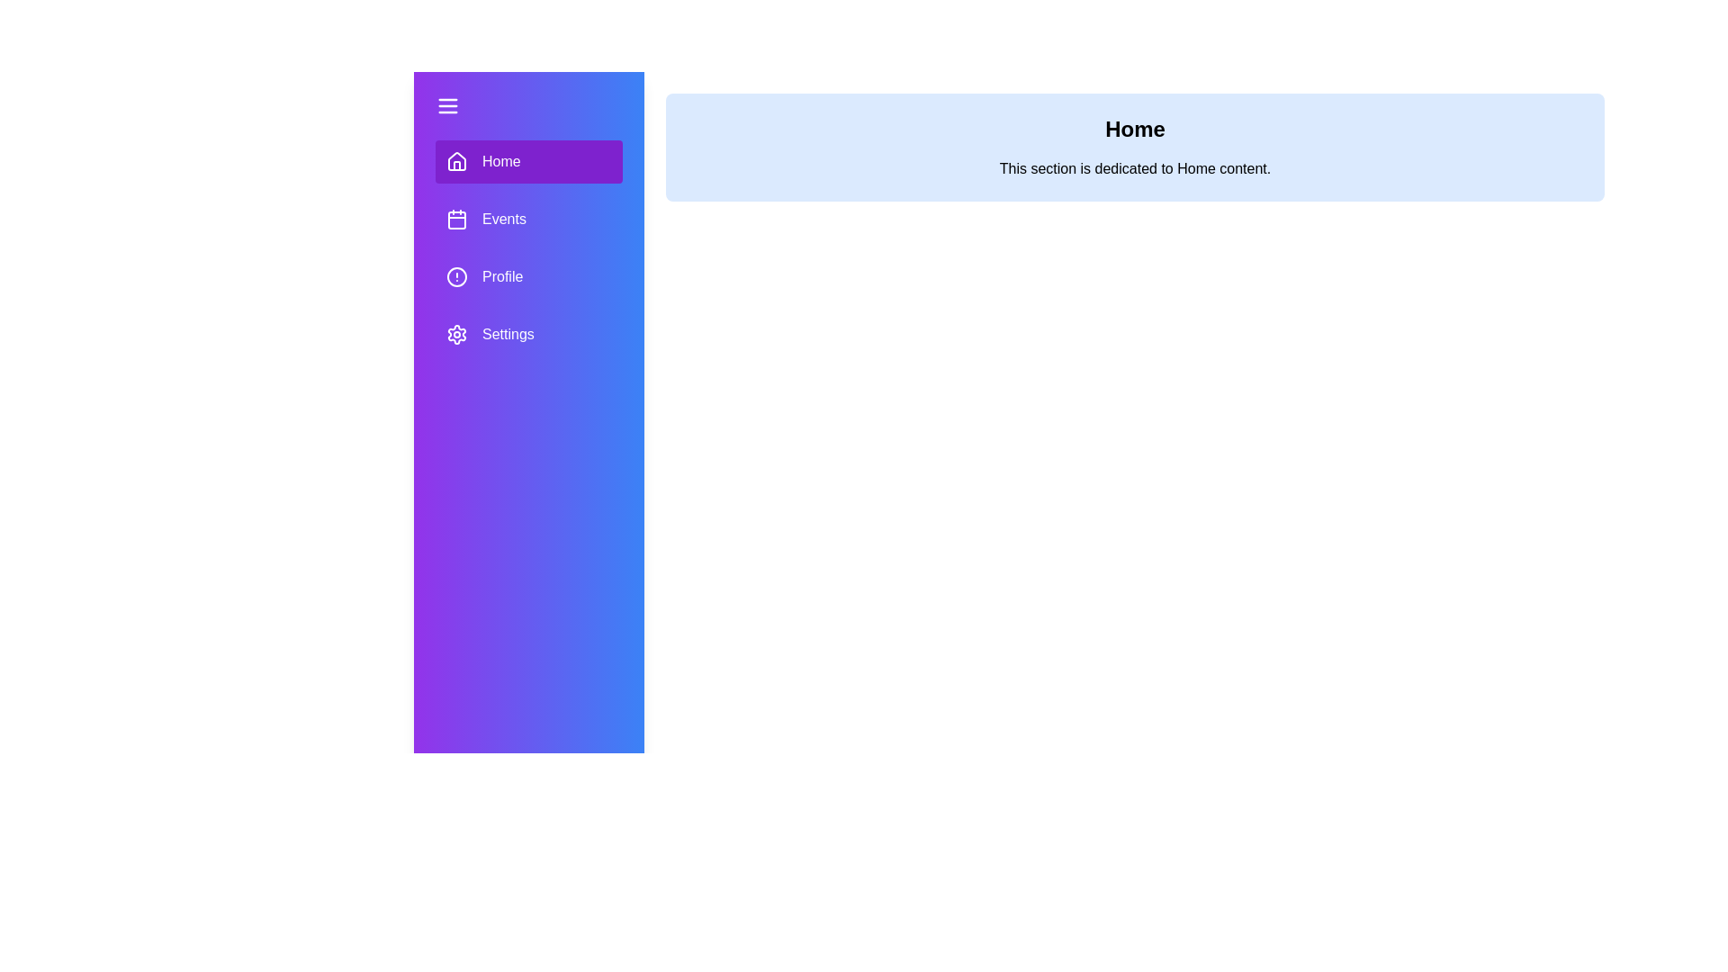  What do you see at coordinates (504, 218) in the screenshot?
I see `the 'Events' text label in the vertical menu on the left-hand side to trigger hover effects` at bounding box center [504, 218].